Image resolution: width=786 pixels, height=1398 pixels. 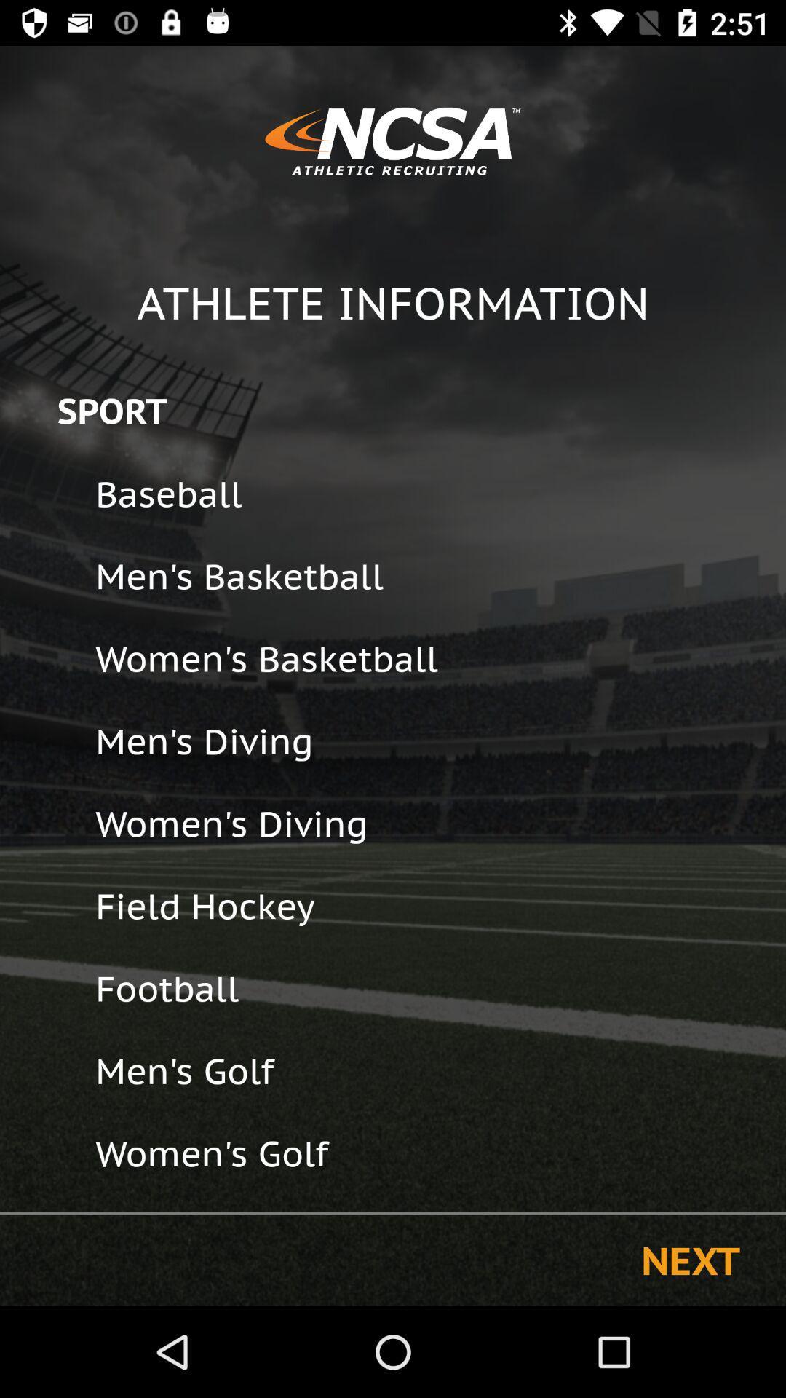 What do you see at coordinates (430, 494) in the screenshot?
I see `the icon above the men's basketball icon` at bounding box center [430, 494].